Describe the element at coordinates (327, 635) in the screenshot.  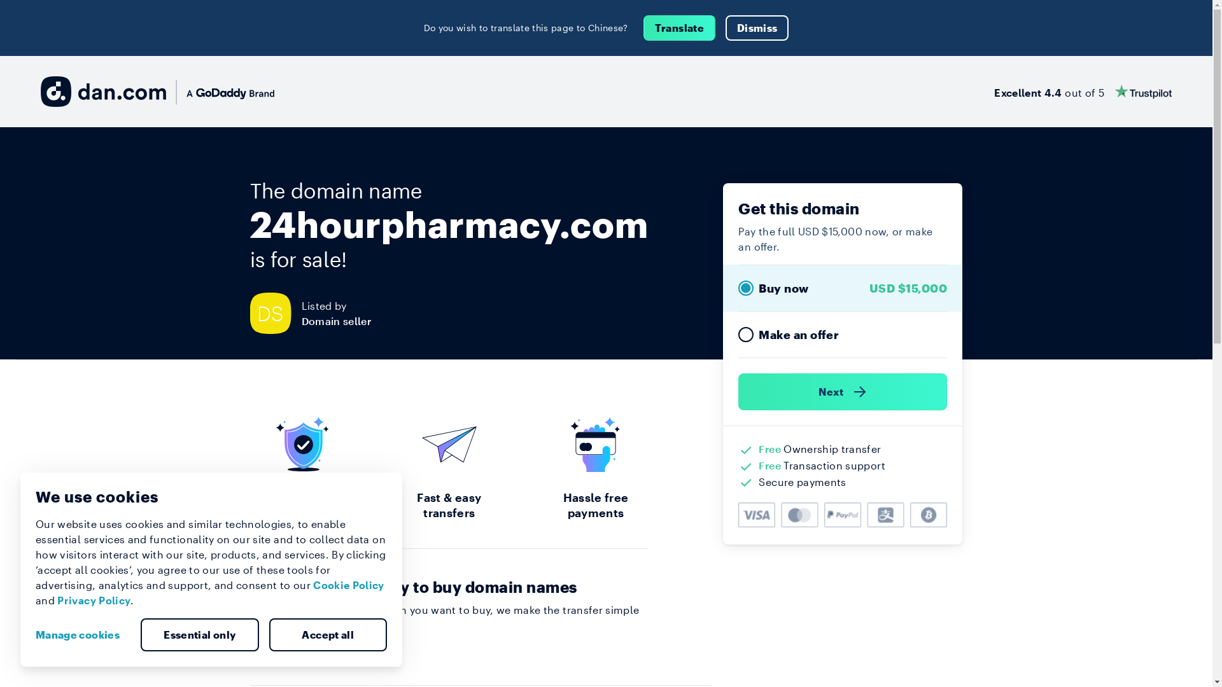
I see `'Accept all'` at that location.